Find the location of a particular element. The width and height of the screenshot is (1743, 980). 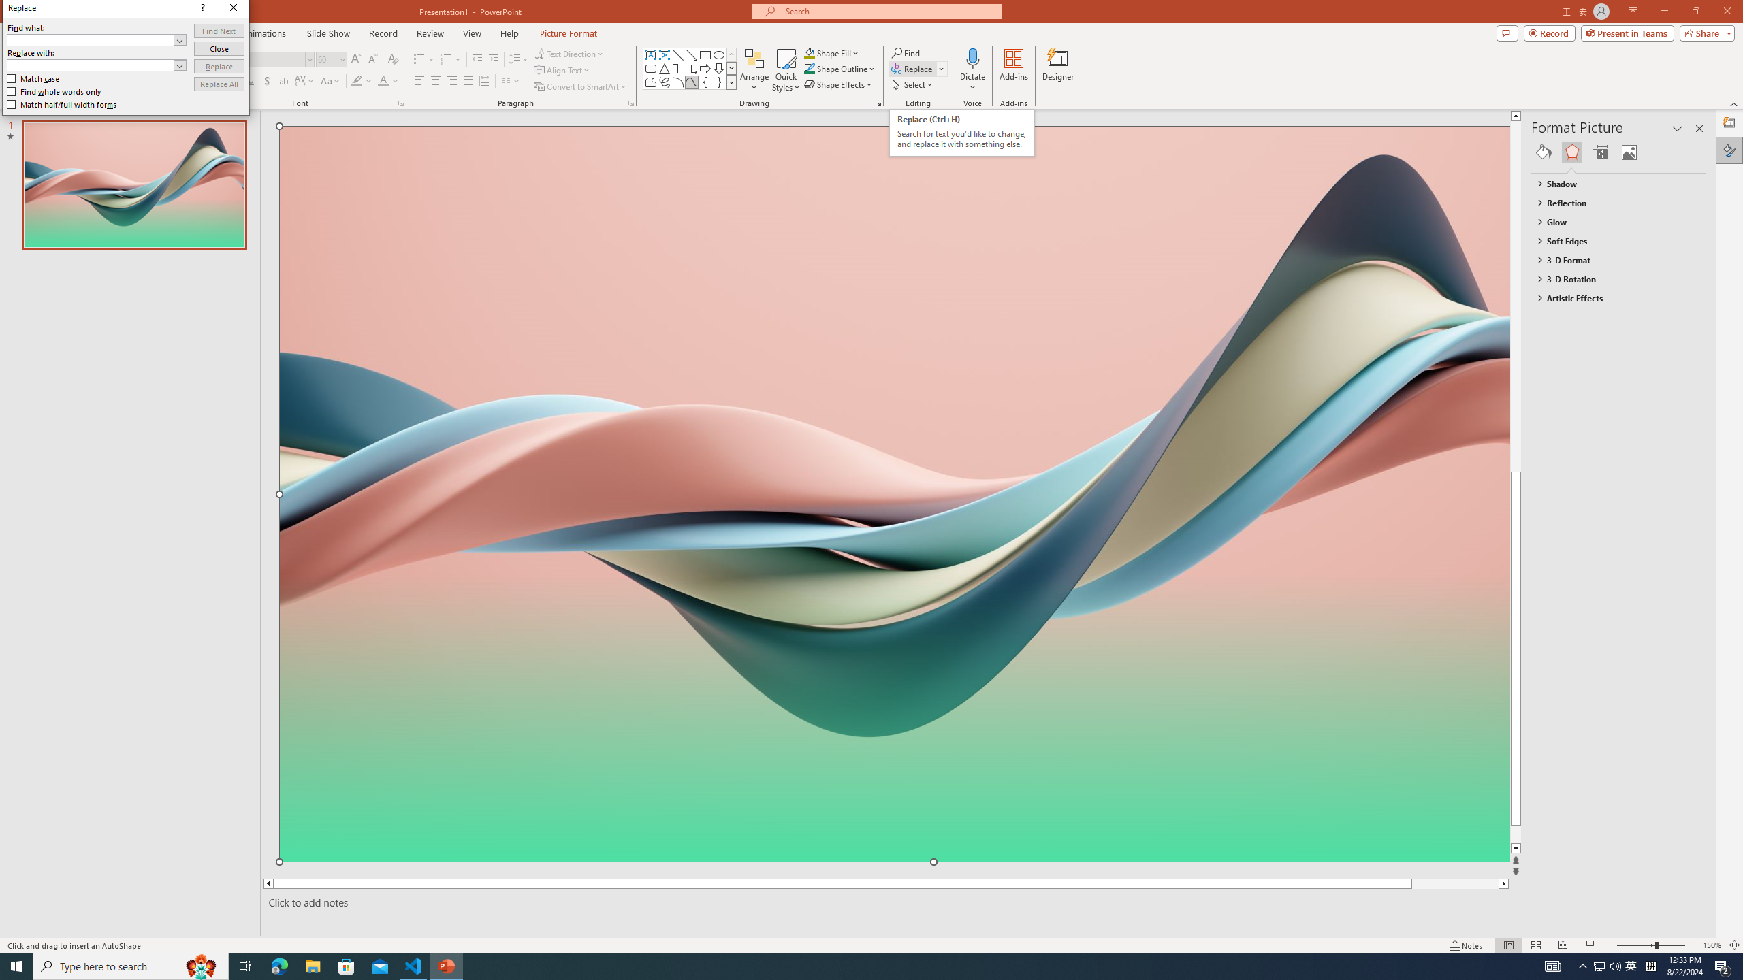

'Q2790: 100%' is located at coordinates (1615, 965).